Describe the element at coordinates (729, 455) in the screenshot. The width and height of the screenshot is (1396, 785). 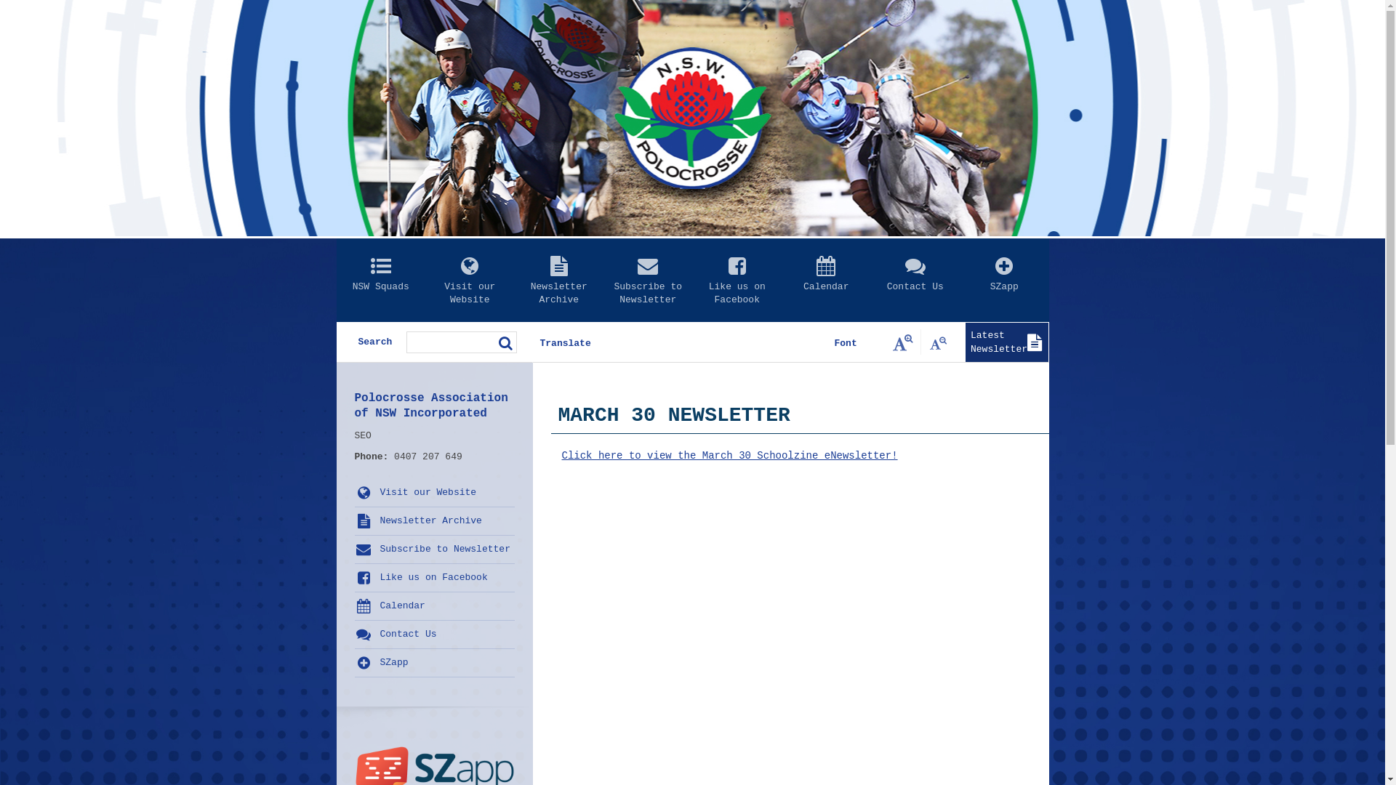
I see `'Click here to view the March 30 Schoolzine eNewsletter!'` at that location.